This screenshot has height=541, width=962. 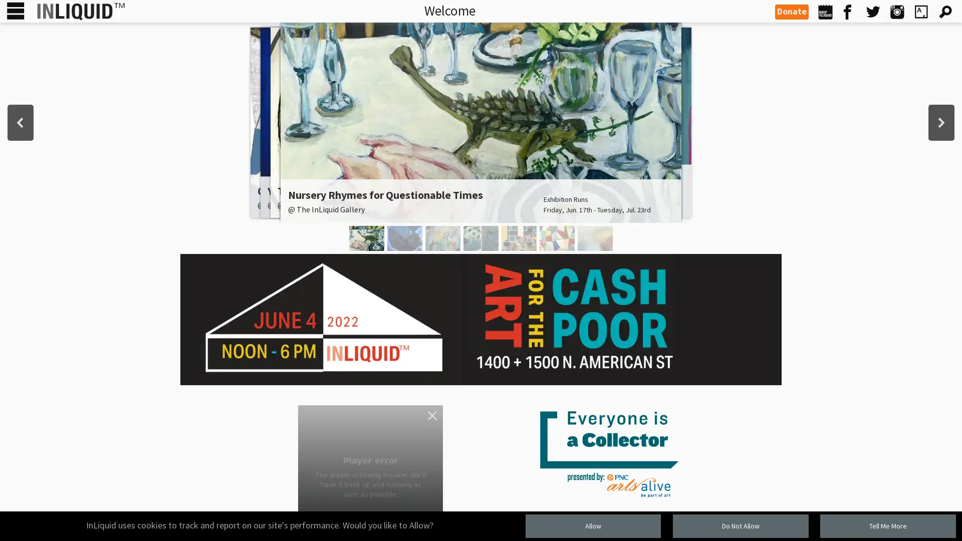 What do you see at coordinates (940, 122) in the screenshot?
I see `next arrow` at bounding box center [940, 122].